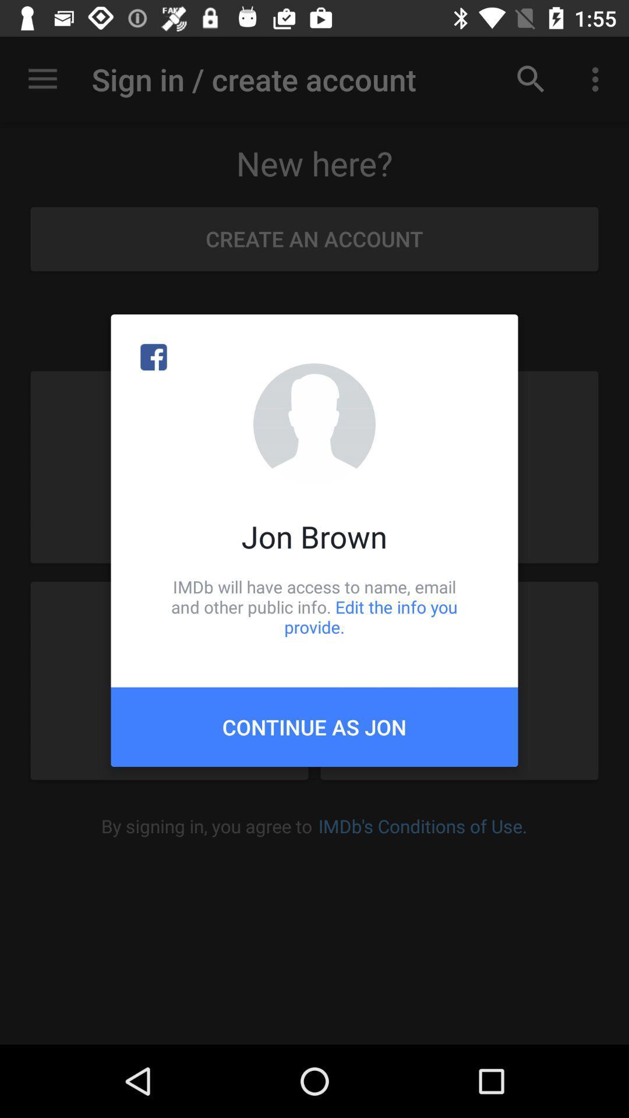 This screenshot has height=1118, width=629. What do you see at coordinates (314, 606) in the screenshot?
I see `imdb will have` at bounding box center [314, 606].